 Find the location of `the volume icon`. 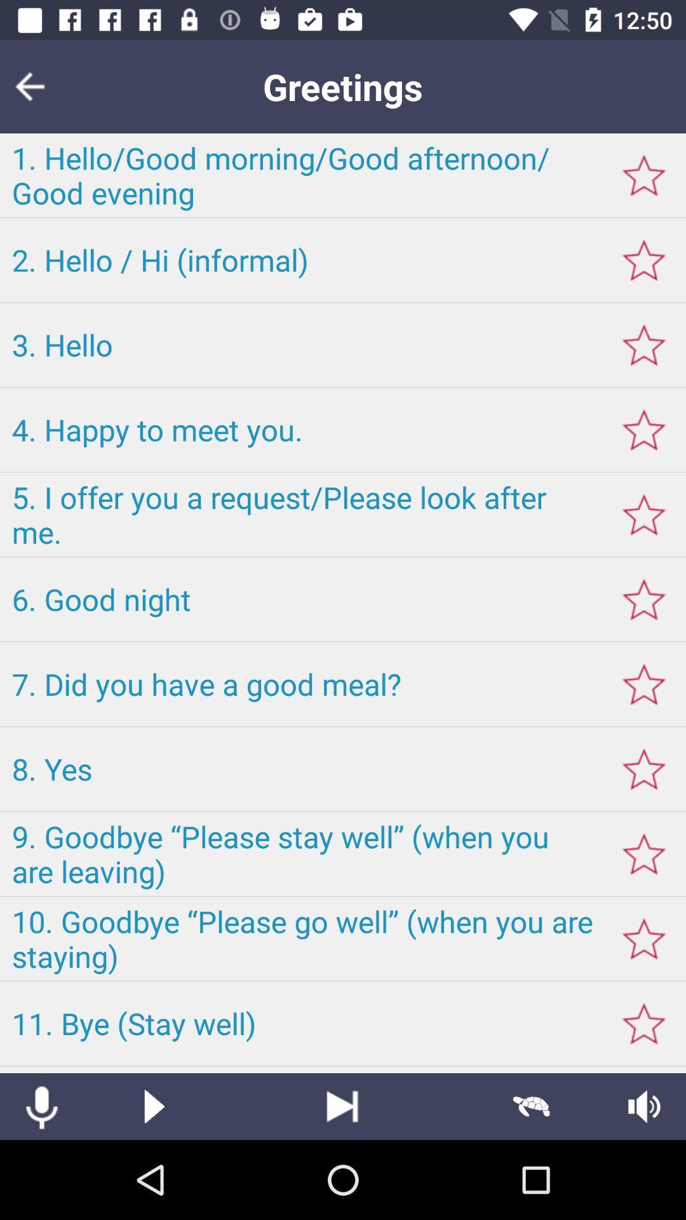

the volume icon is located at coordinates (644, 1106).